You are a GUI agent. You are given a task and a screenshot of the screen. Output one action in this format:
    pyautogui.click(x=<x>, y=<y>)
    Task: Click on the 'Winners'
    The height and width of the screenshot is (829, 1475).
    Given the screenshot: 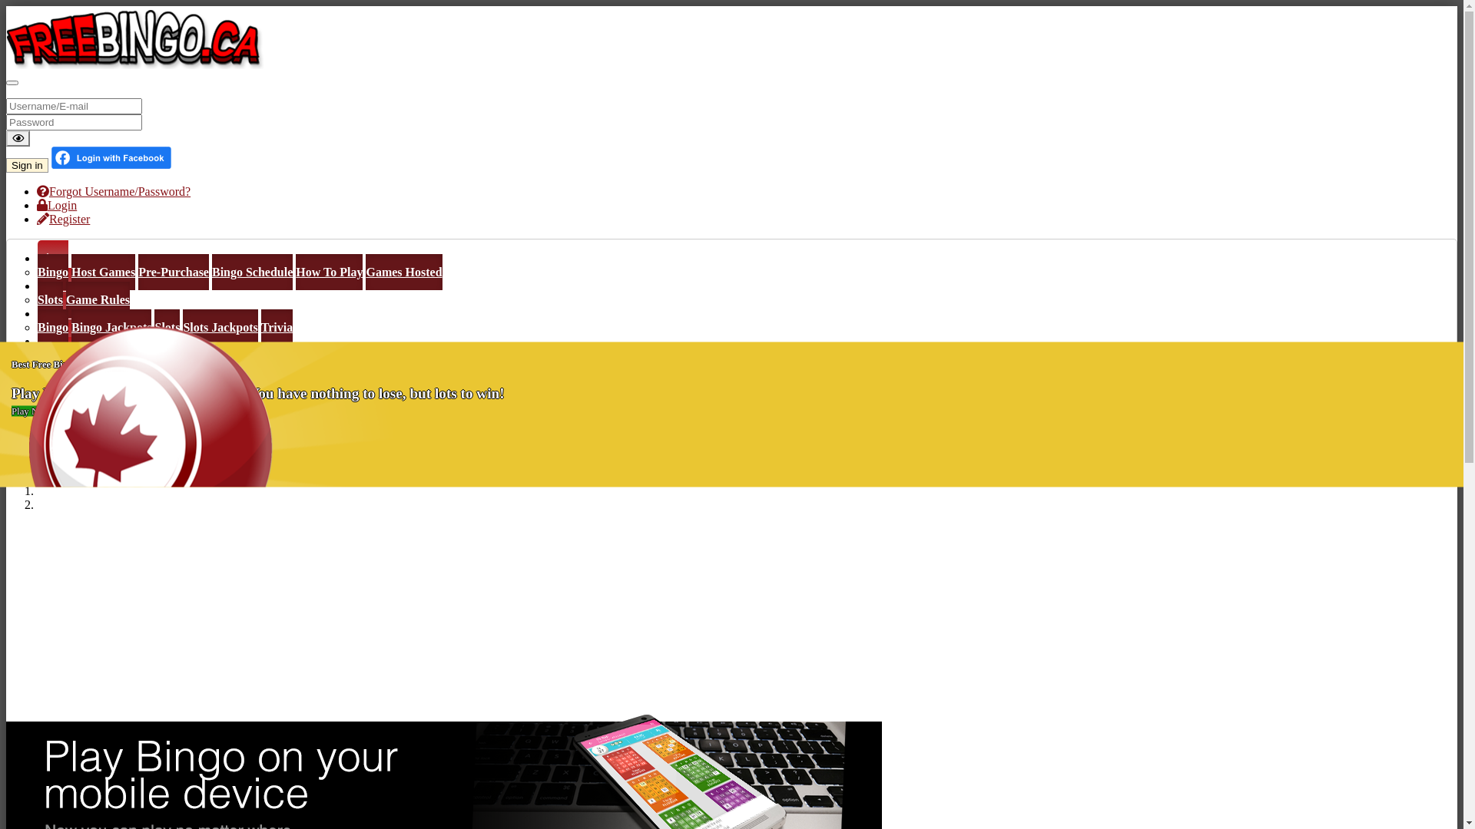 What is the action you would take?
    pyautogui.click(x=60, y=312)
    